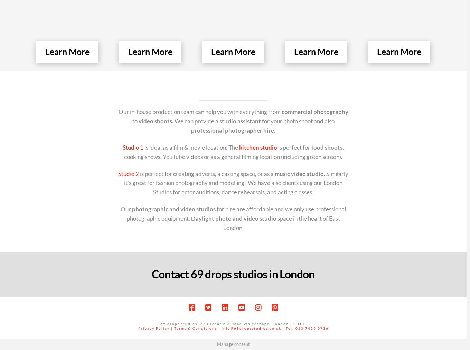 The image size is (470, 350). I want to click on 'professional photographer hire.', so click(233, 130).